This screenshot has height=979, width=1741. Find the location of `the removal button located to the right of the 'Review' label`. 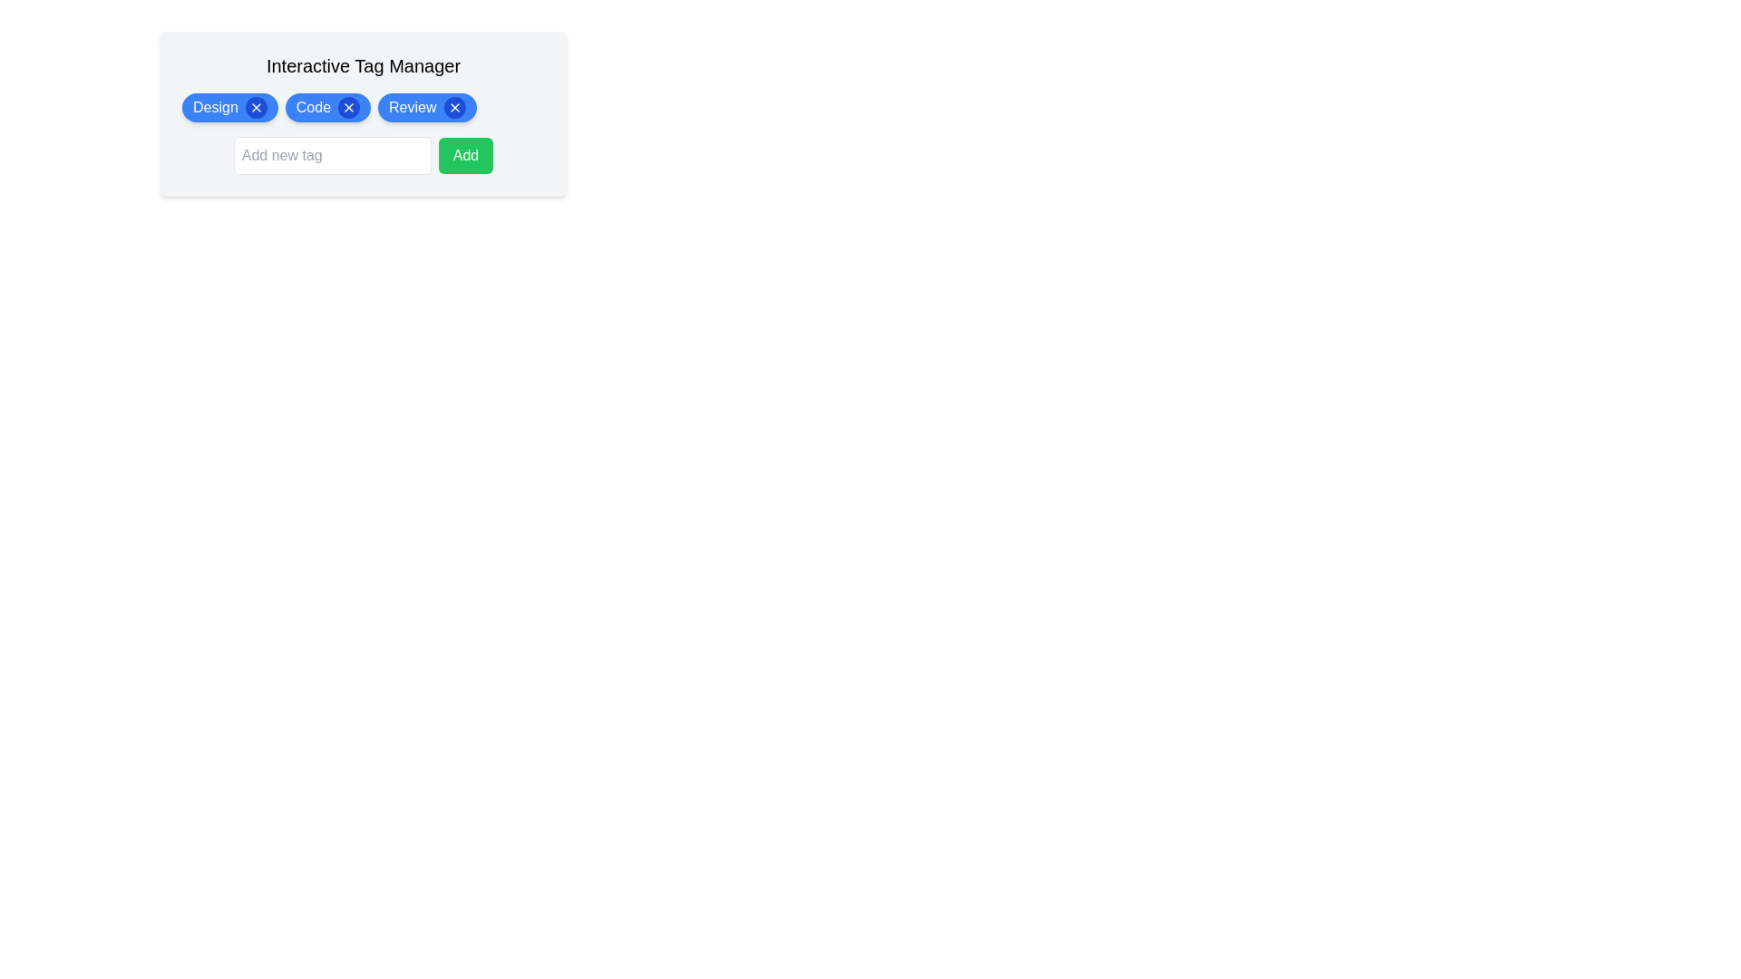

the removal button located to the right of the 'Review' label is located at coordinates (454, 108).